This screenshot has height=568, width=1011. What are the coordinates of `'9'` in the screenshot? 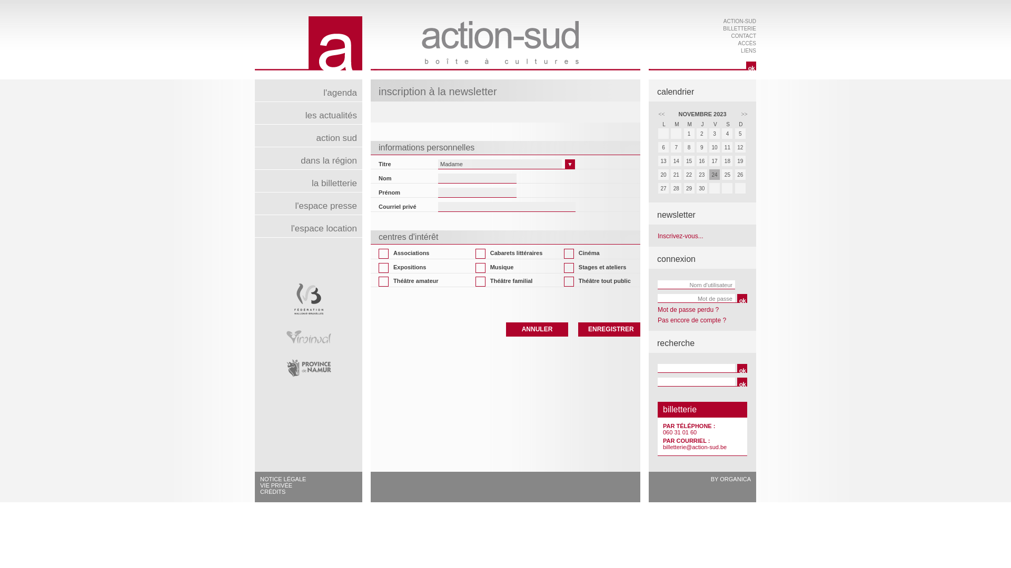 It's located at (702, 147).